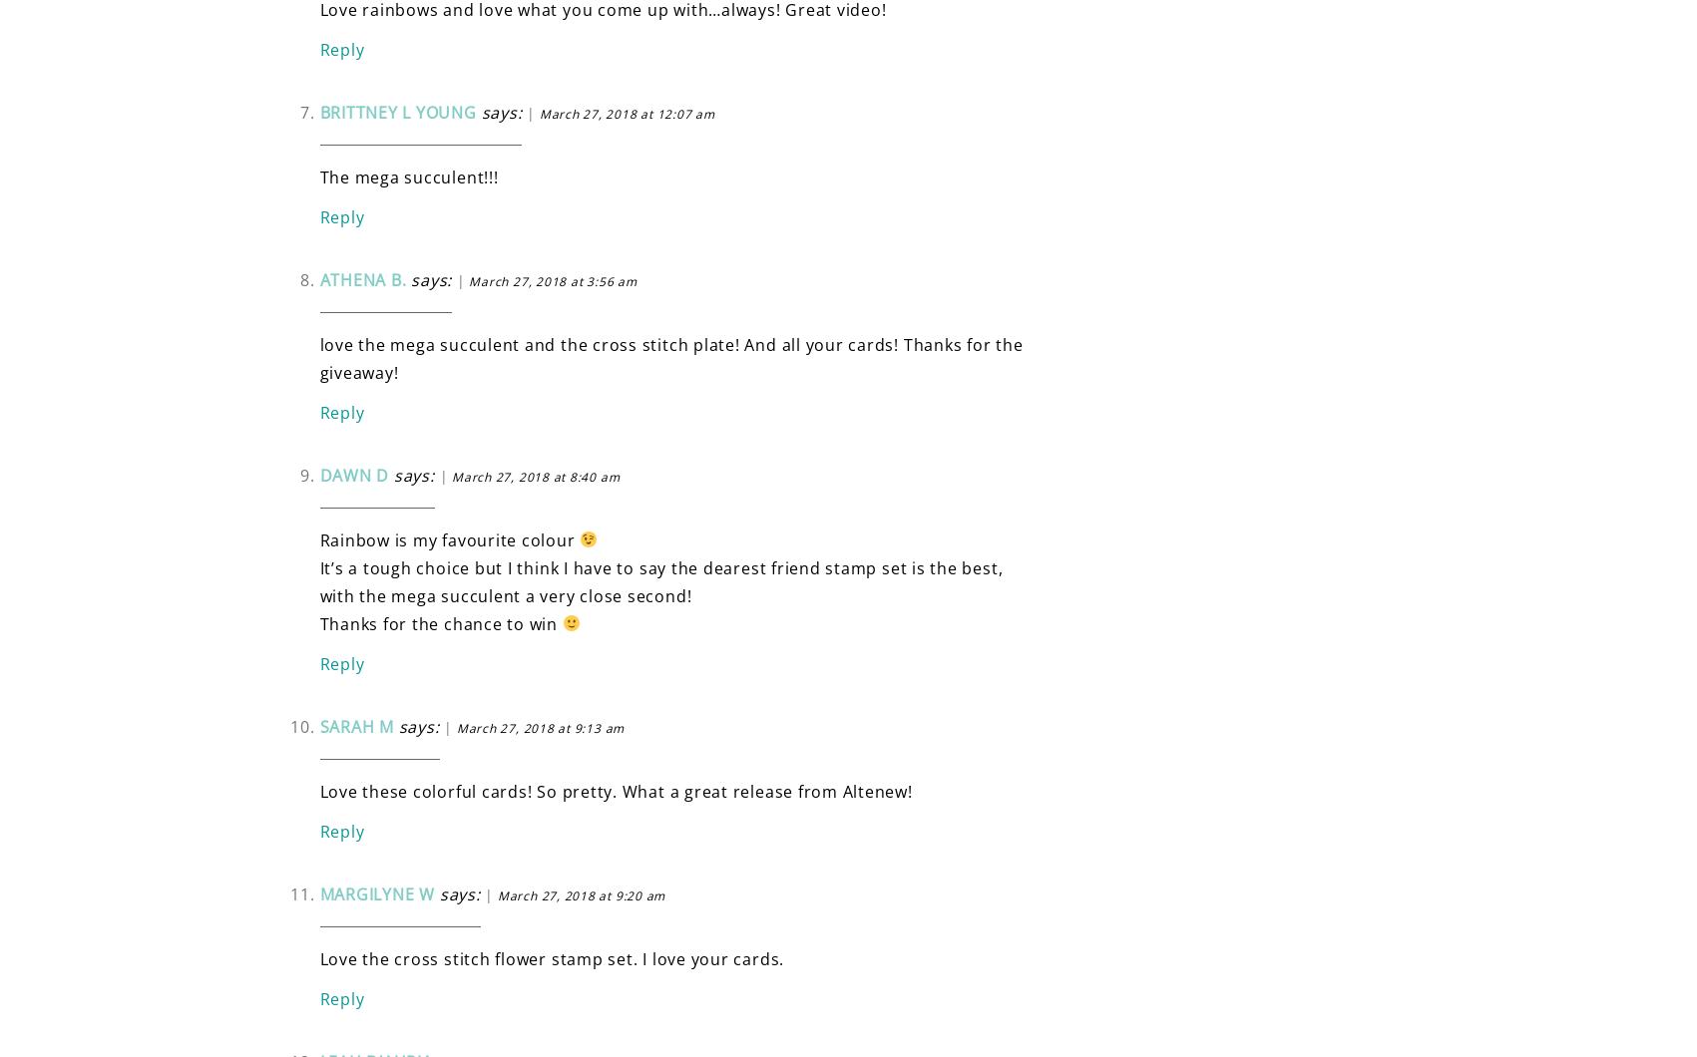 The height and width of the screenshot is (1057, 1697). What do you see at coordinates (353, 474) in the screenshot?
I see `'Dawn D'` at bounding box center [353, 474].